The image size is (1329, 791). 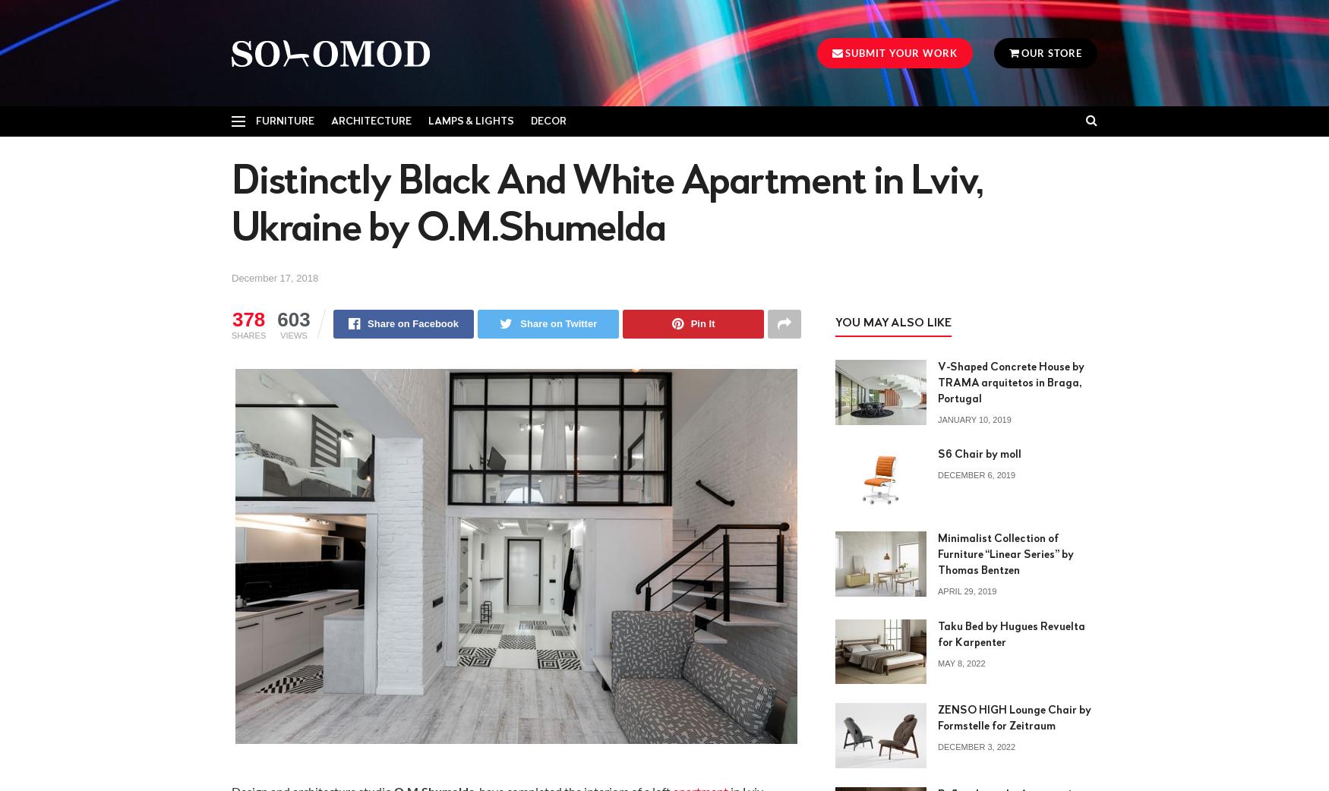 I want to click on 'Taku Bed by Hugues Revuelta for Karpenter', so click(x=937, y=634).